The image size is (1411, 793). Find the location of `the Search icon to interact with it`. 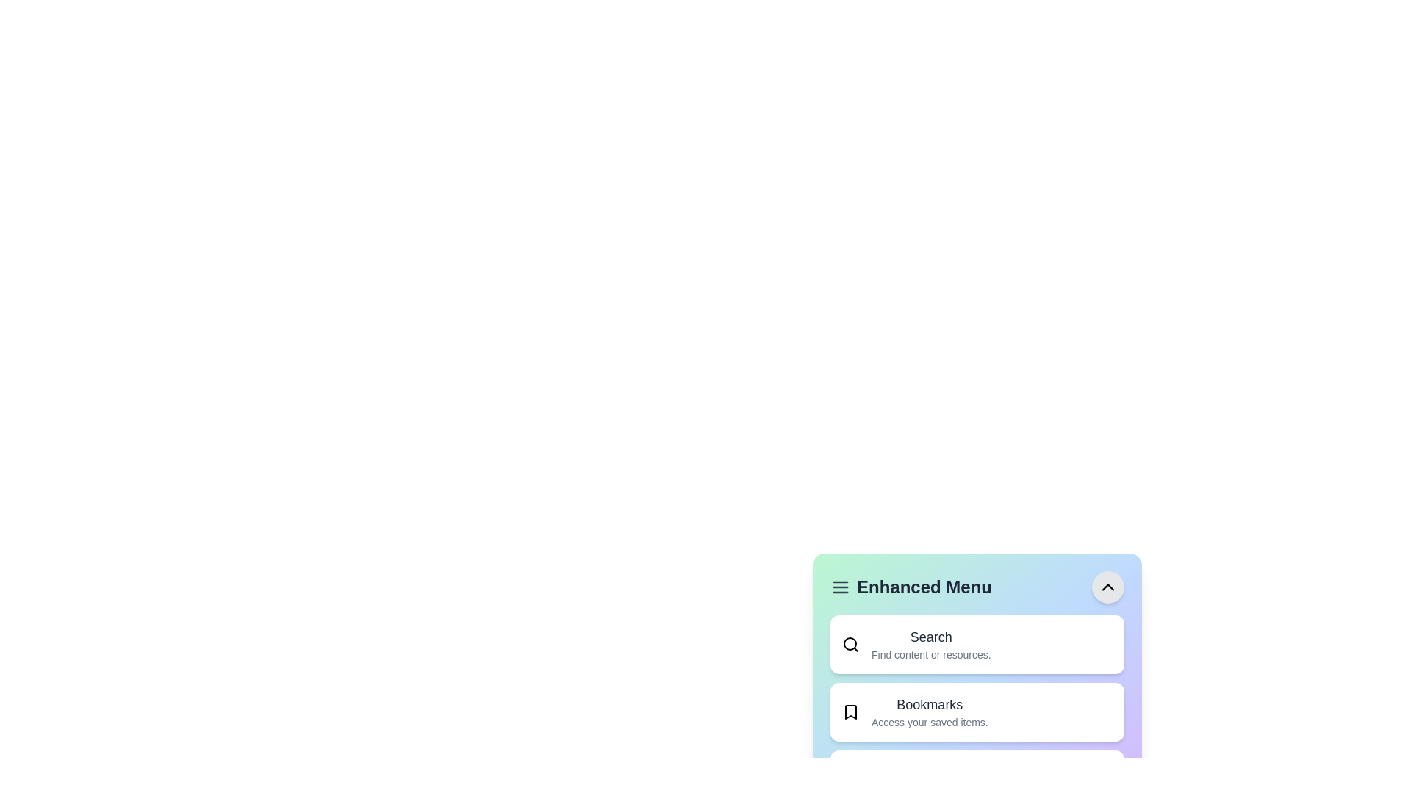

the Search icon to interact with it is located at coordinates (850, 644).